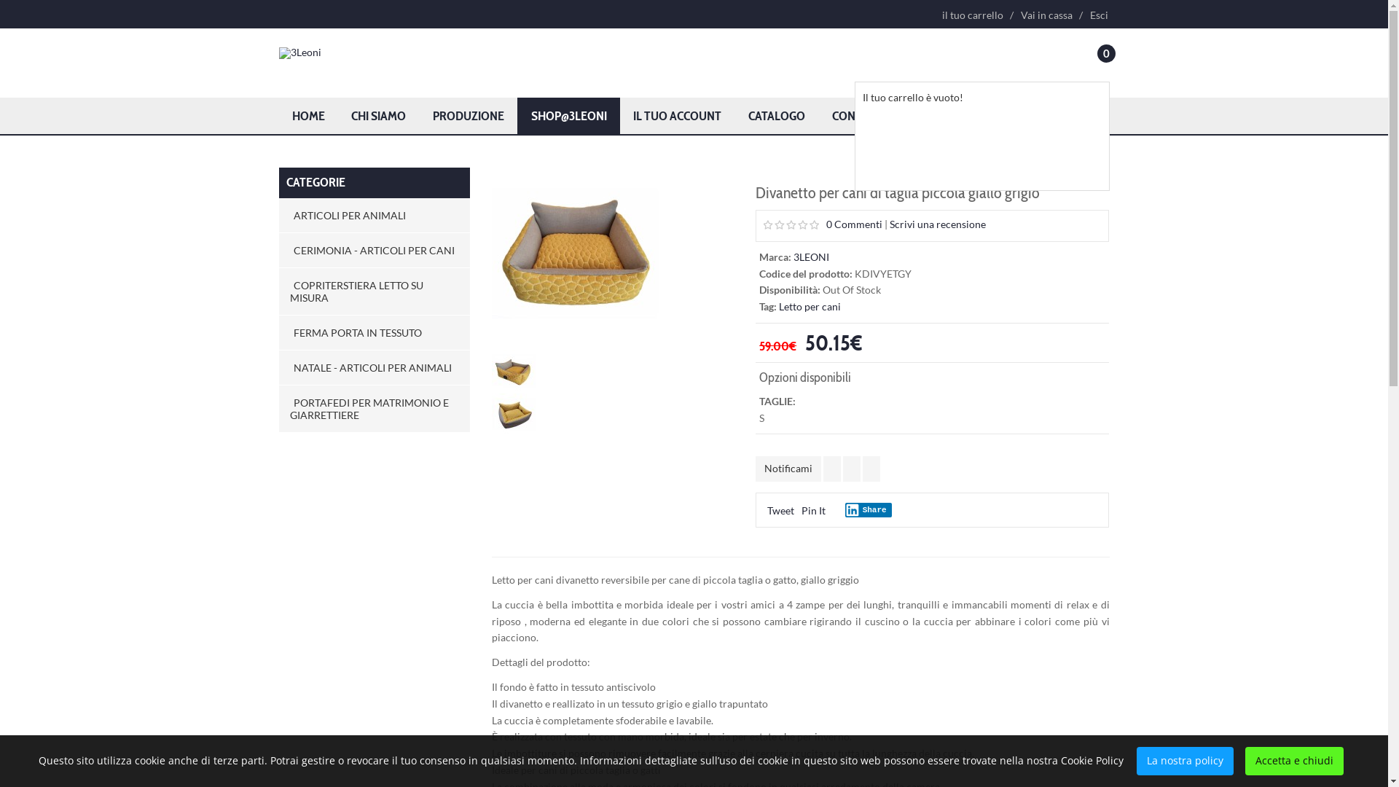 The width and height of the screenshot is (1399, 787). Describe the element at coordinates (307, 114) in the screenshot. I see `'HOME'` at that location.